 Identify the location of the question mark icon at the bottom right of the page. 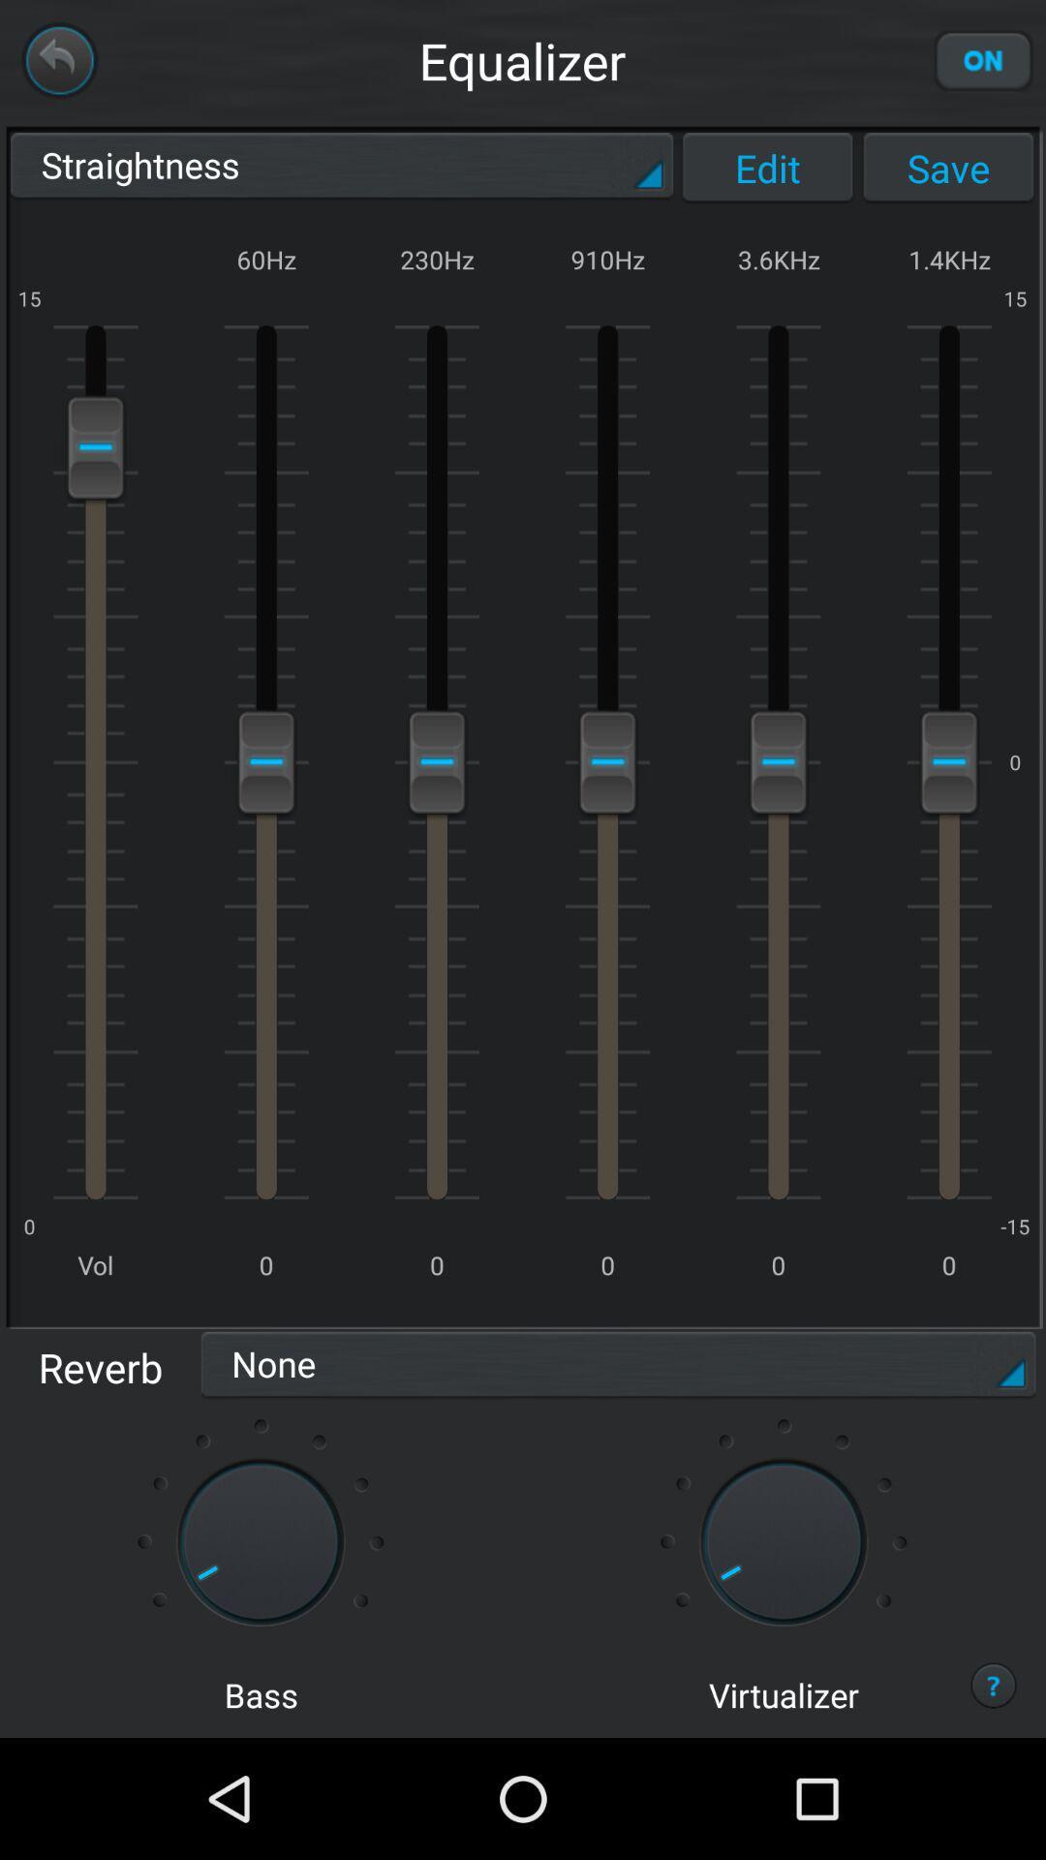
(994, 1684).